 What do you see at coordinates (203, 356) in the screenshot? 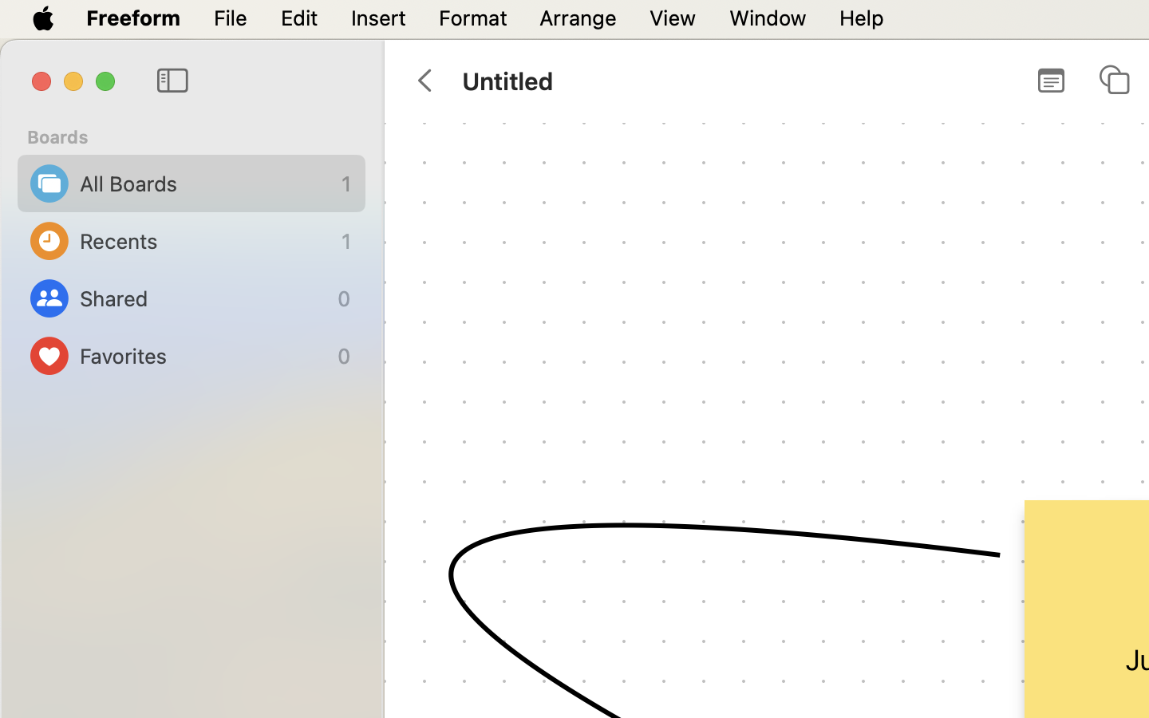
I see `'Favorites'` at bounding box center [203, 356].